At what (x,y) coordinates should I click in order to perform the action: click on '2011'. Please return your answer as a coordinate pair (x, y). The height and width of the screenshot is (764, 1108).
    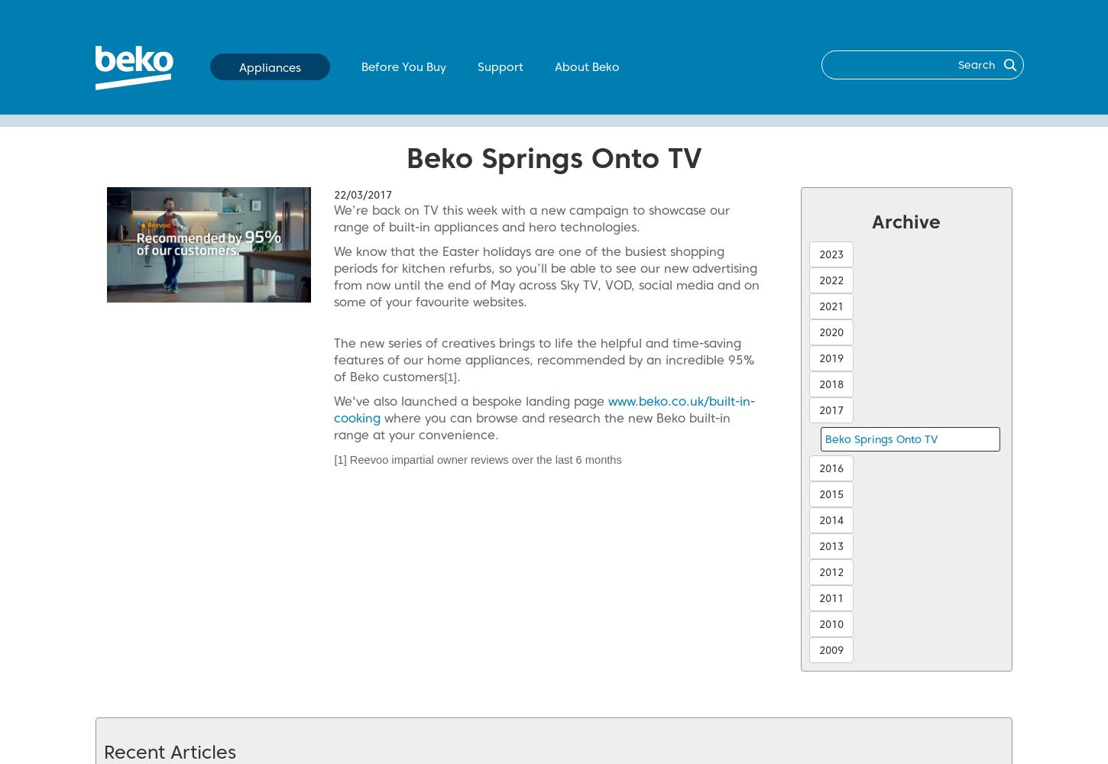
    Looking at the image, I should click on (831, 598).